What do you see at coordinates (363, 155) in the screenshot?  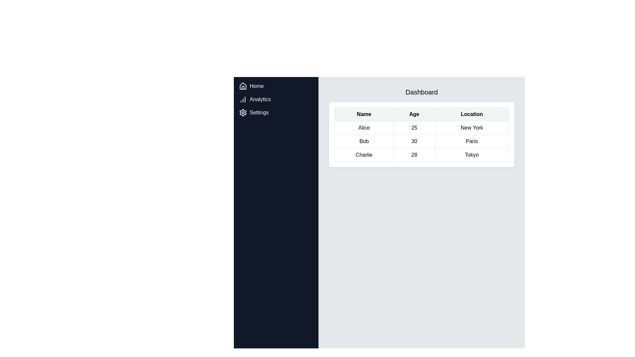 I see `the text label displaying an individual's name located in the first column of the third row of a three-column table` at bounding box center [363, 155].